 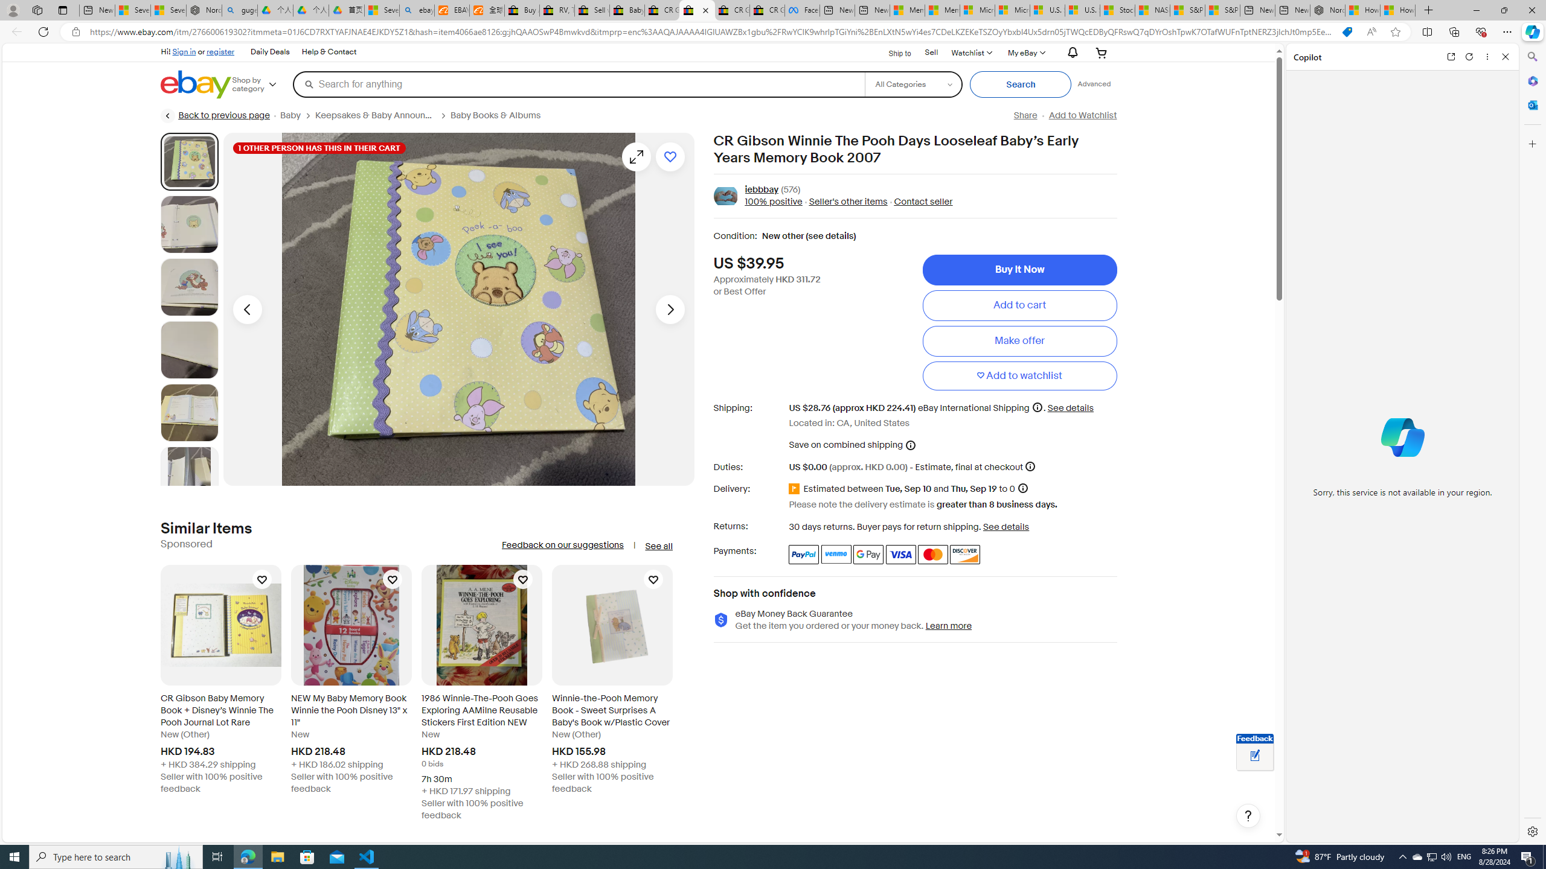 I want to click on 'Share', so click(x=1024, y=115).